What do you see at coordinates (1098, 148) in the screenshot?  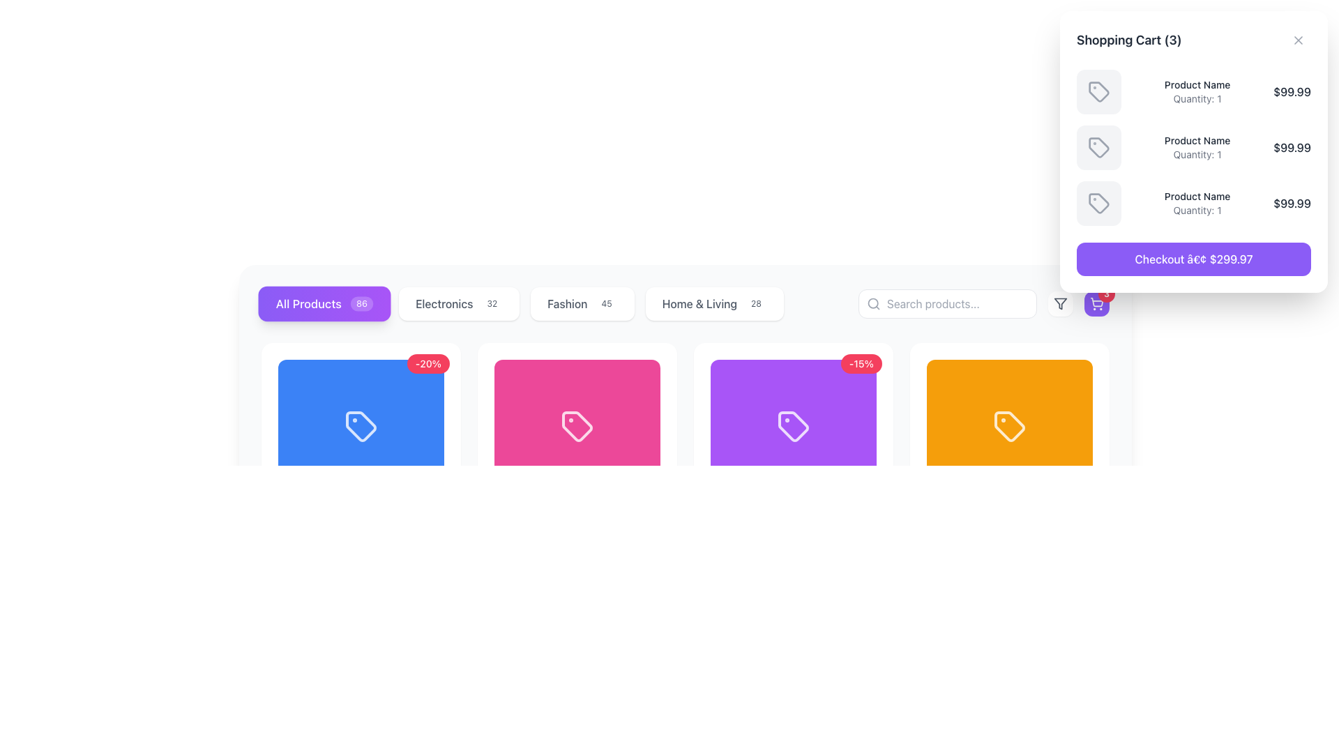 I see `the tag-like icon` at bounding box center [1098, 148].